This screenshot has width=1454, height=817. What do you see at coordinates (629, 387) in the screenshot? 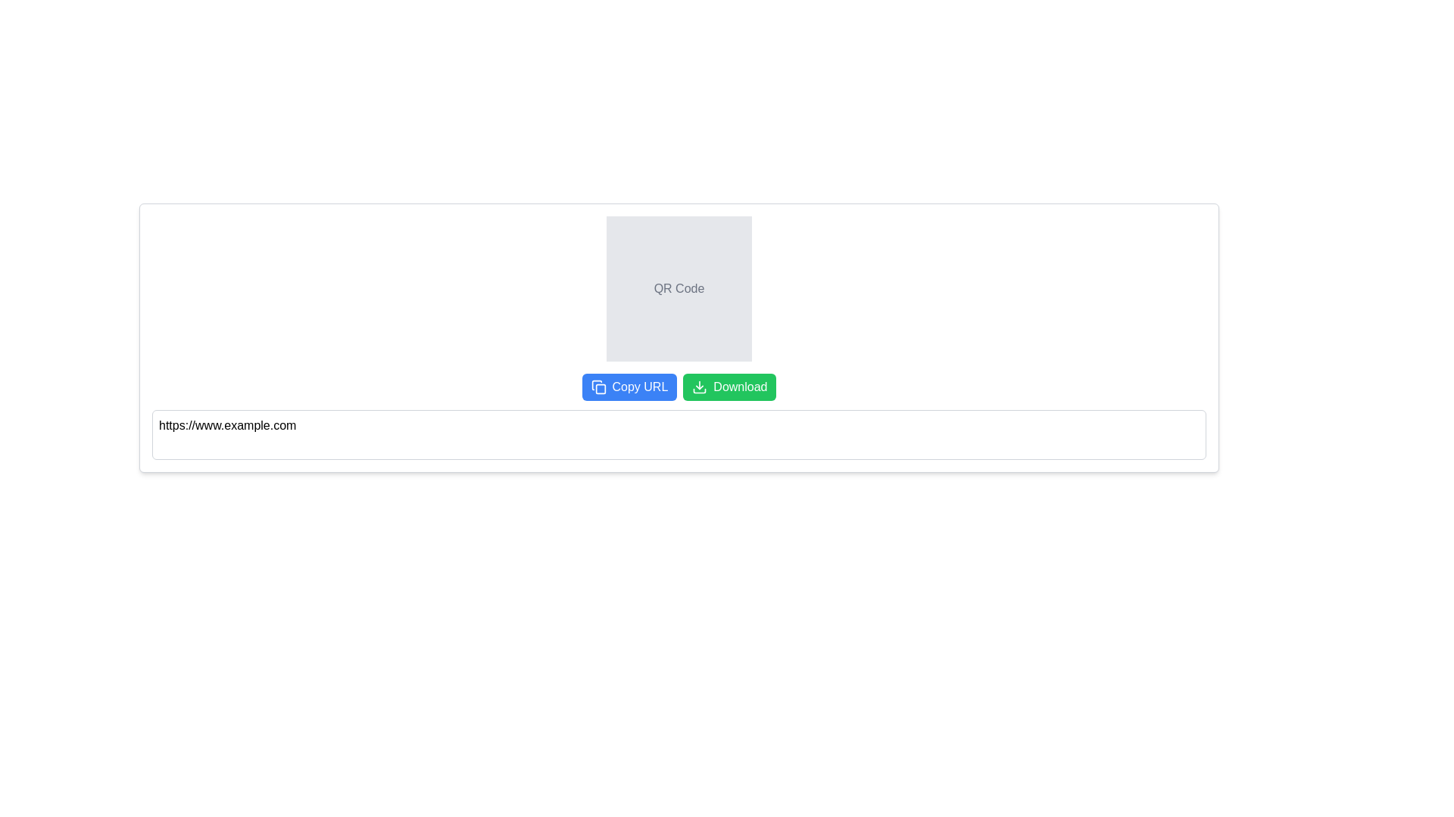
I see `the leftmost button in the button group, which serves to copy the URL displayed in the text field below it, to observe any tooltip or highlight effect` at bounding box center [629, 387].